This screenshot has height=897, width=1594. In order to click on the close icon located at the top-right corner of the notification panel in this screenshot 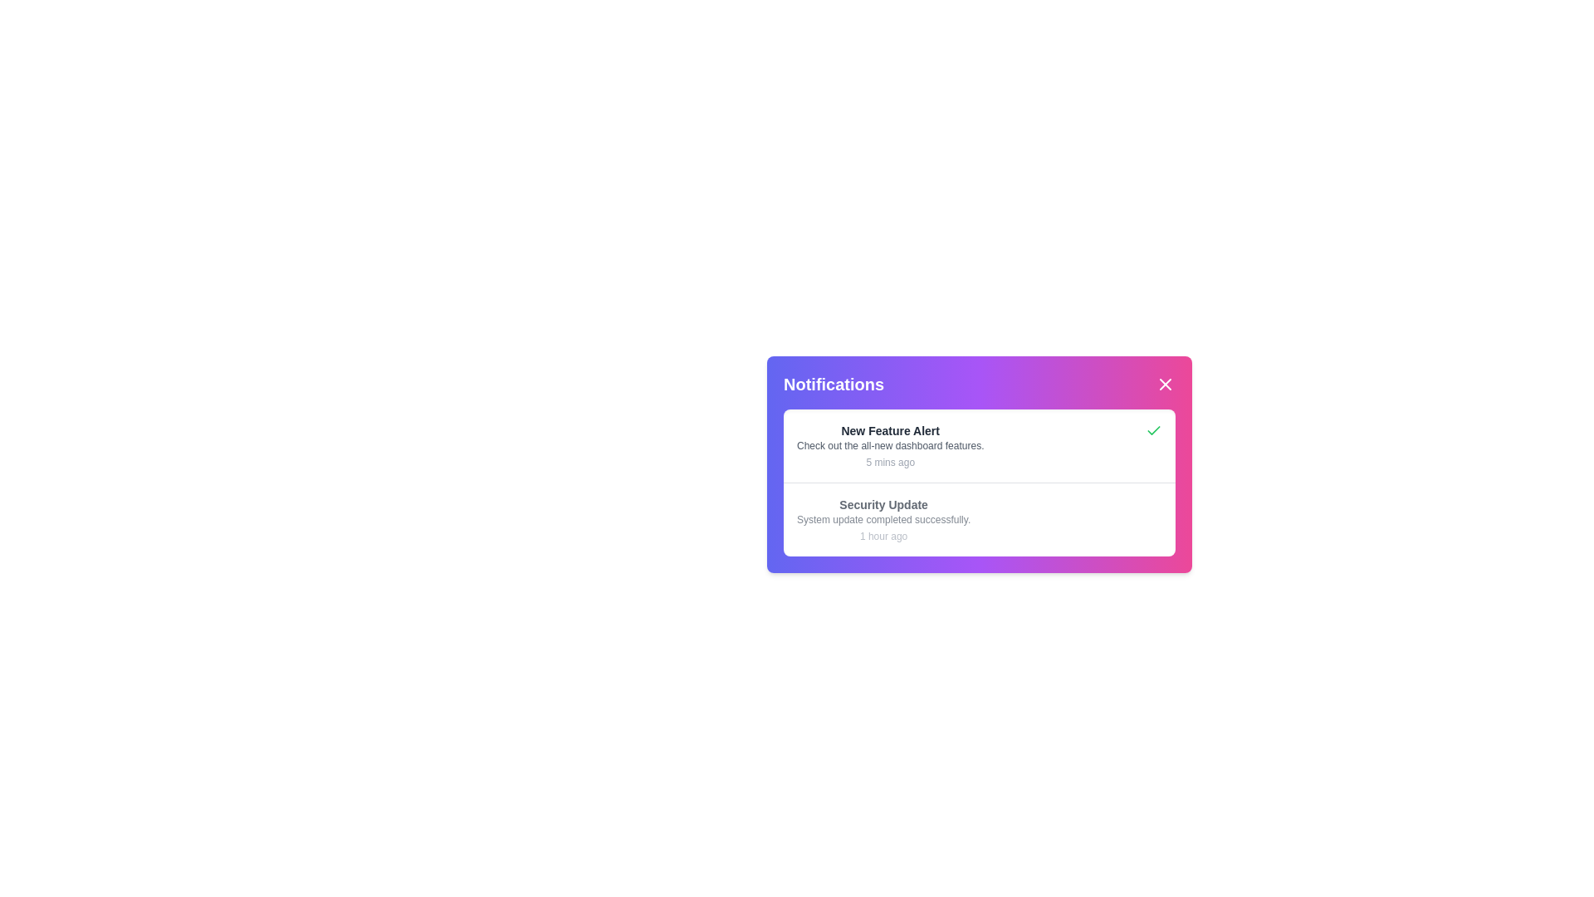, I will do `click(1164, 384)`.